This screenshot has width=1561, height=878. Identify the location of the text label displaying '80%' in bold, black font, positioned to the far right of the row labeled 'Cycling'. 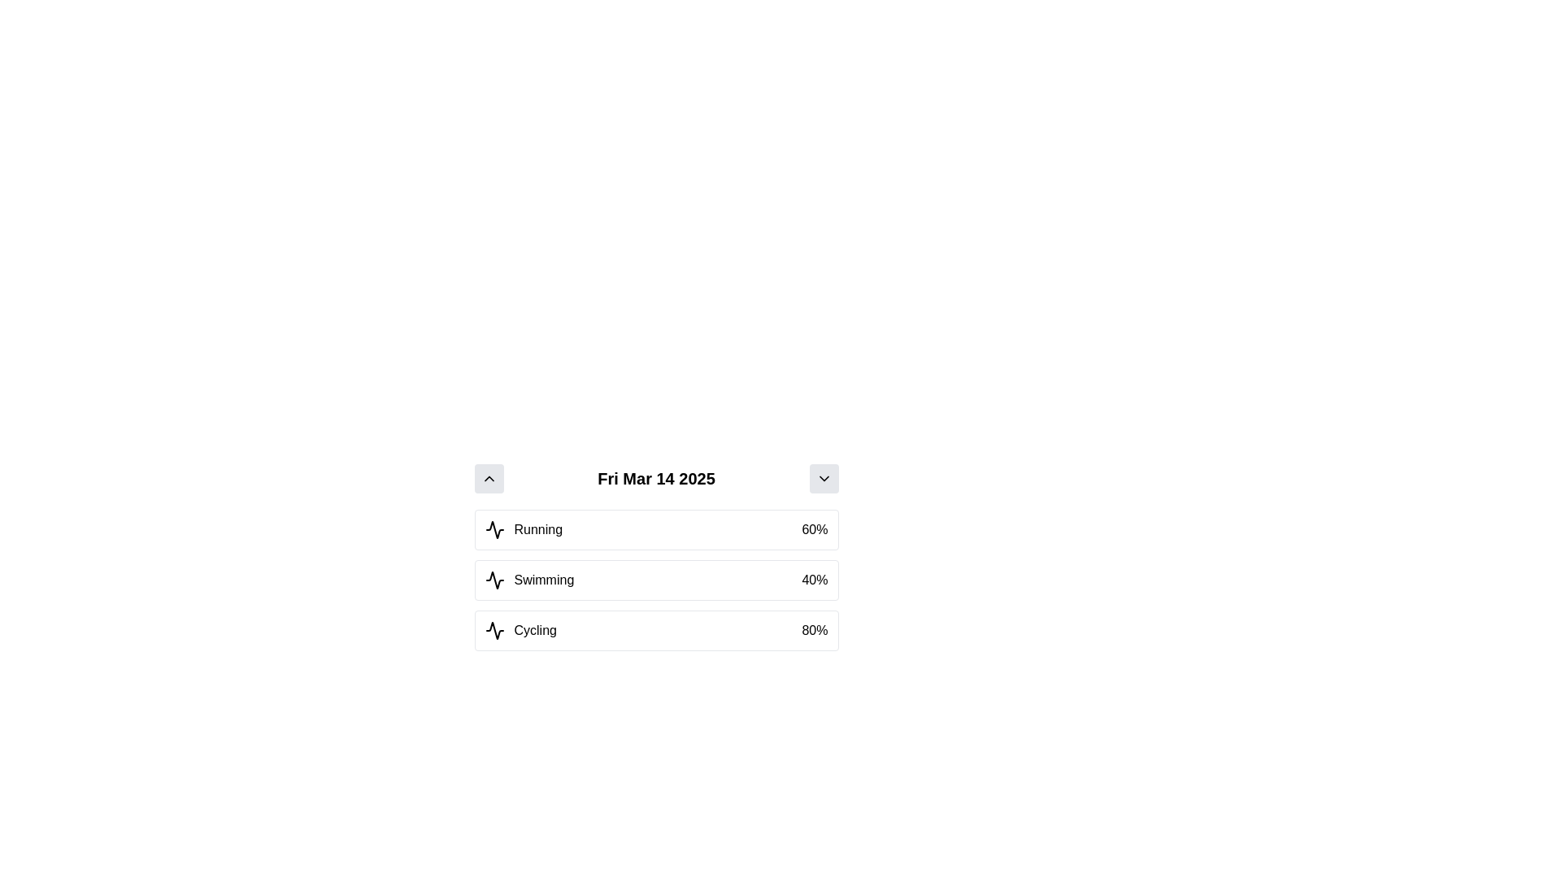
(815, 629).